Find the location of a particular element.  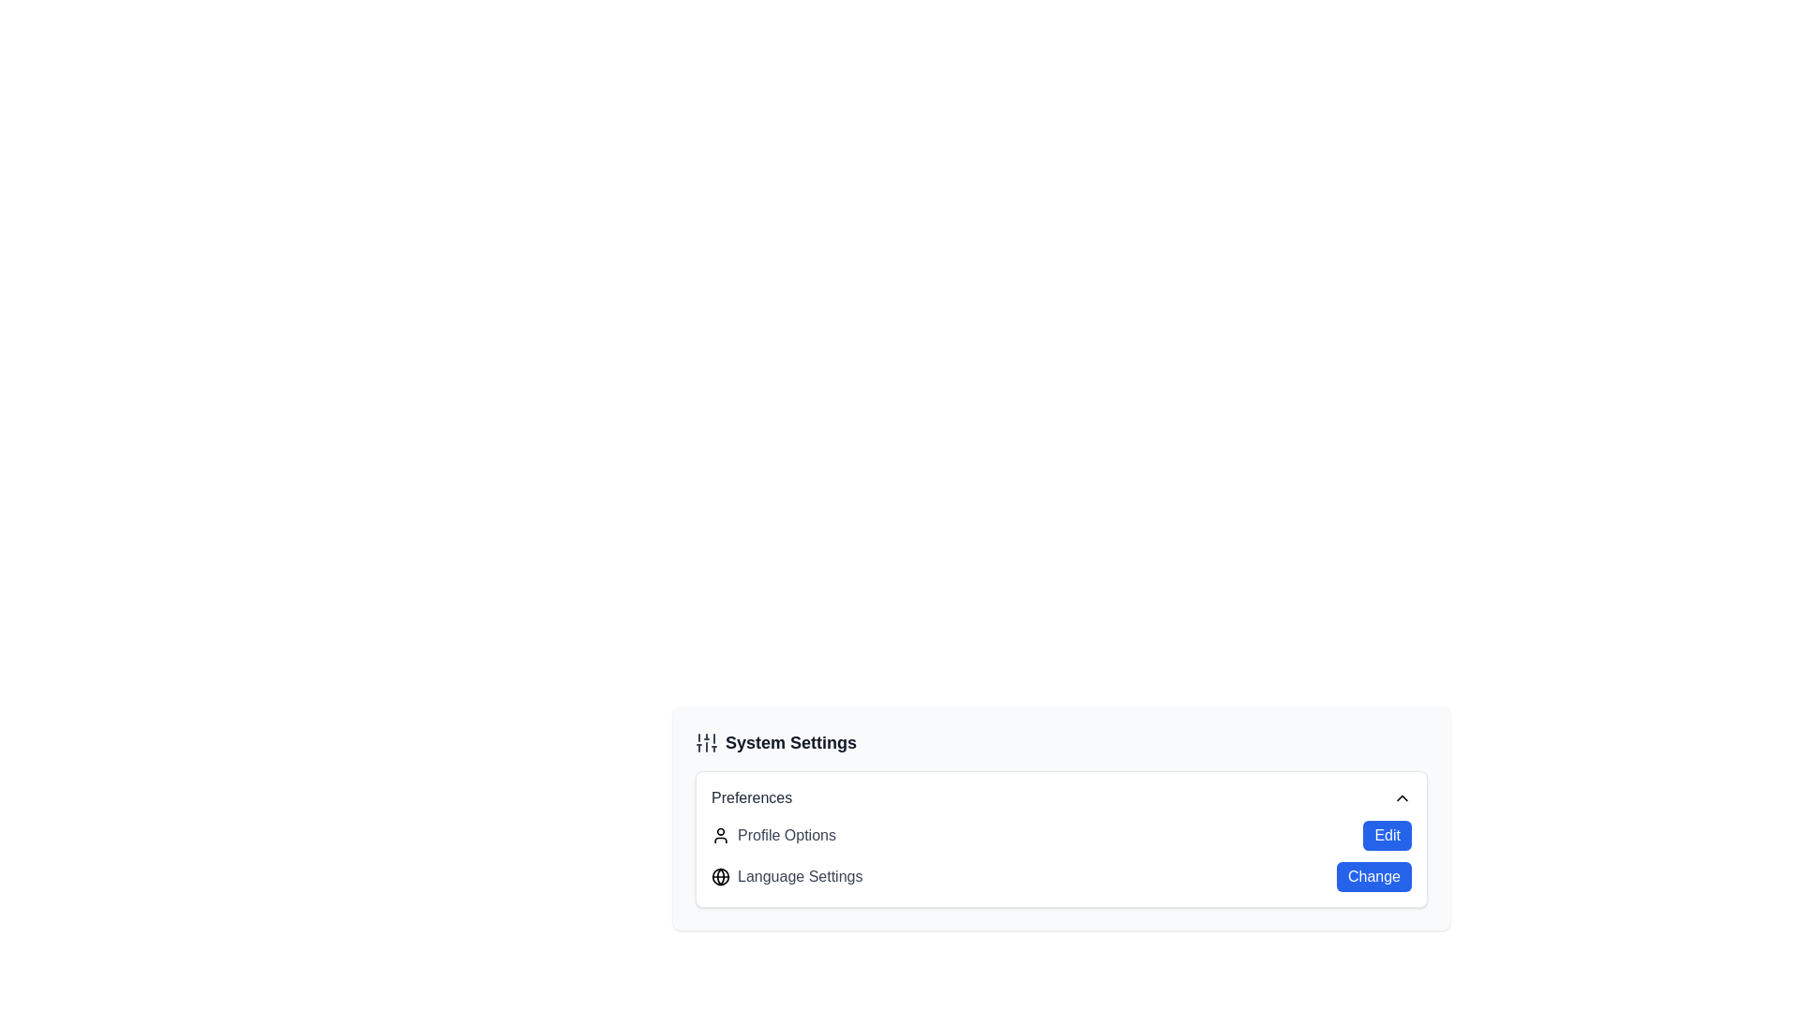

the language settings icon located on the left-most side of the 'Language Settings' section is located at coordinates (719, 877).